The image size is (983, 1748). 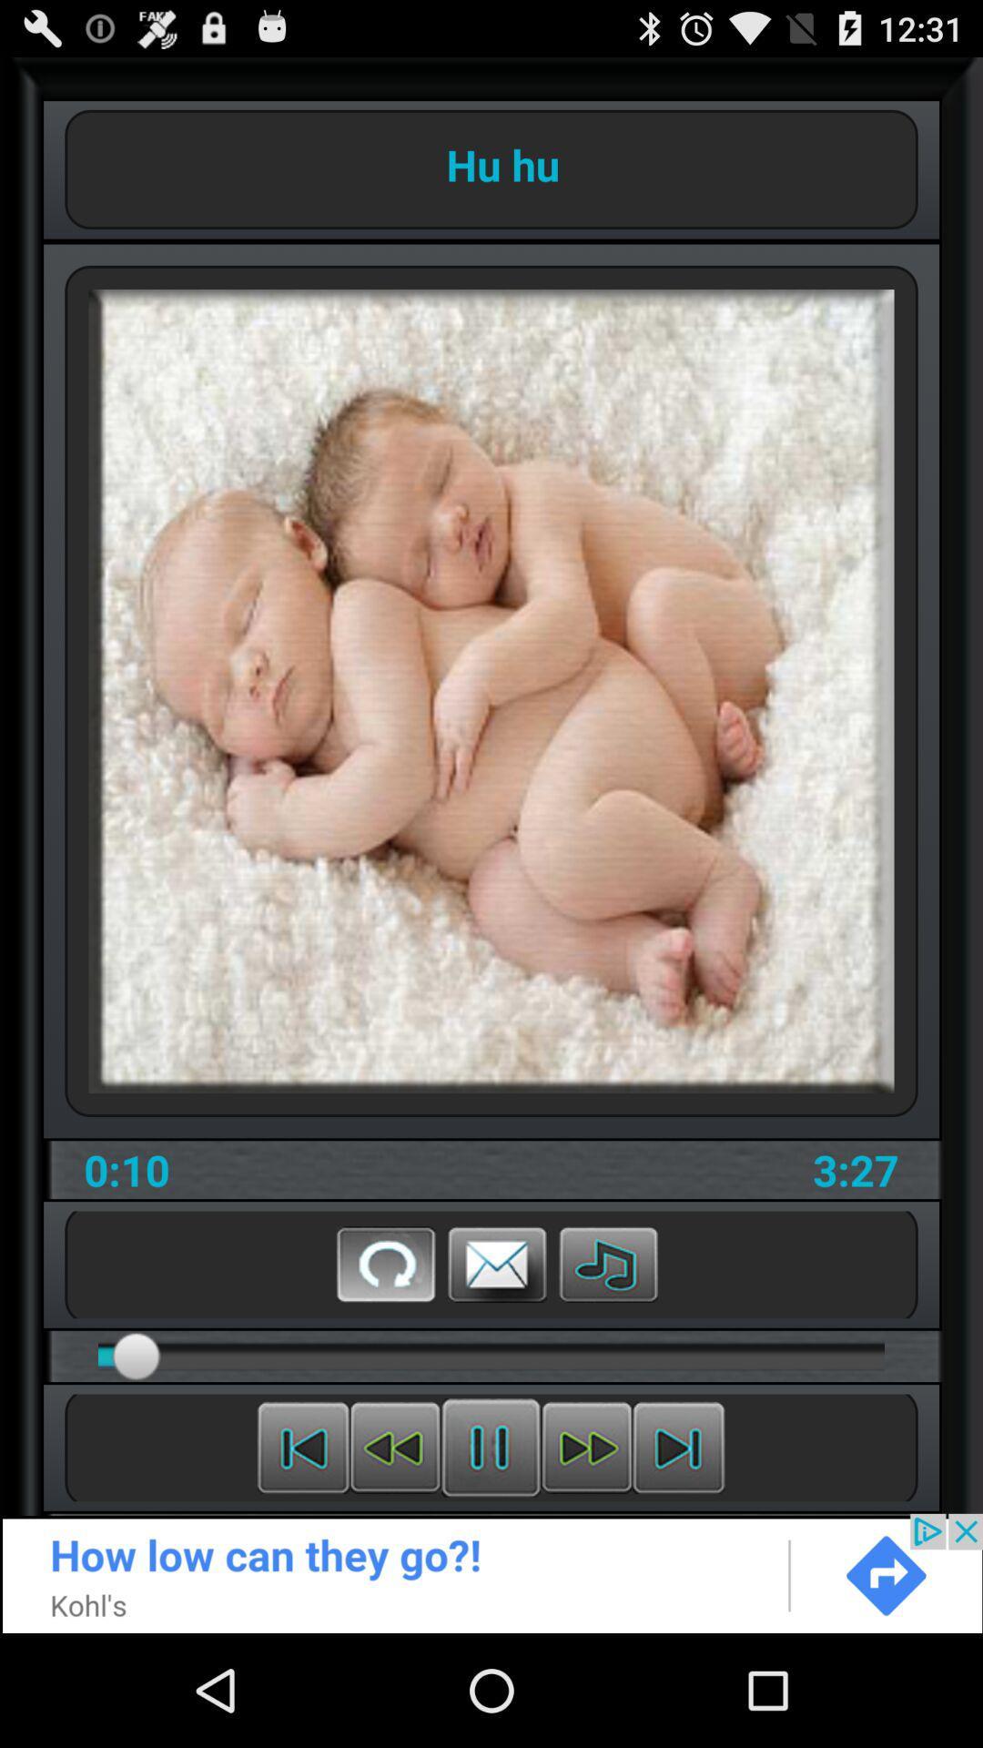 I want to click on the pause option, so click(x=490, y=1447).